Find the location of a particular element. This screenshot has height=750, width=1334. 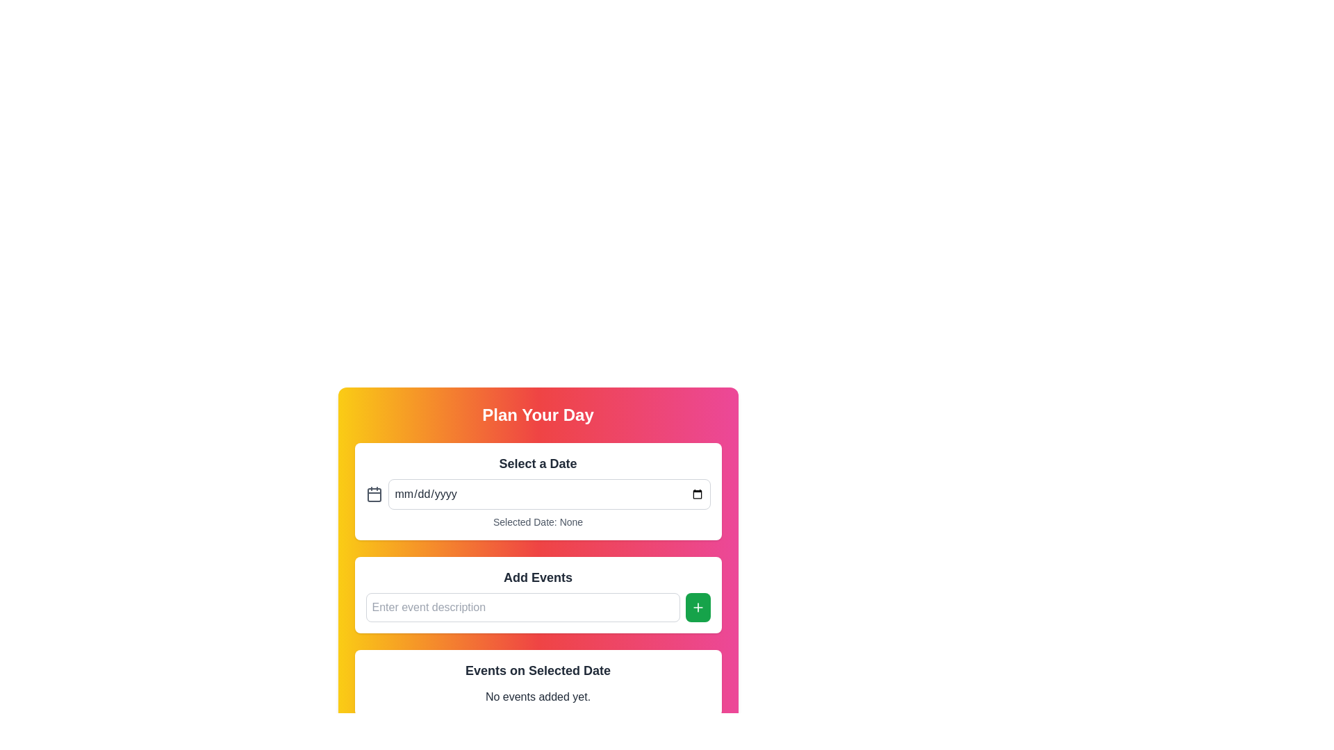

the Input group with a button to add events by tabbing through the UI elements is located at coordinates (537, 594).